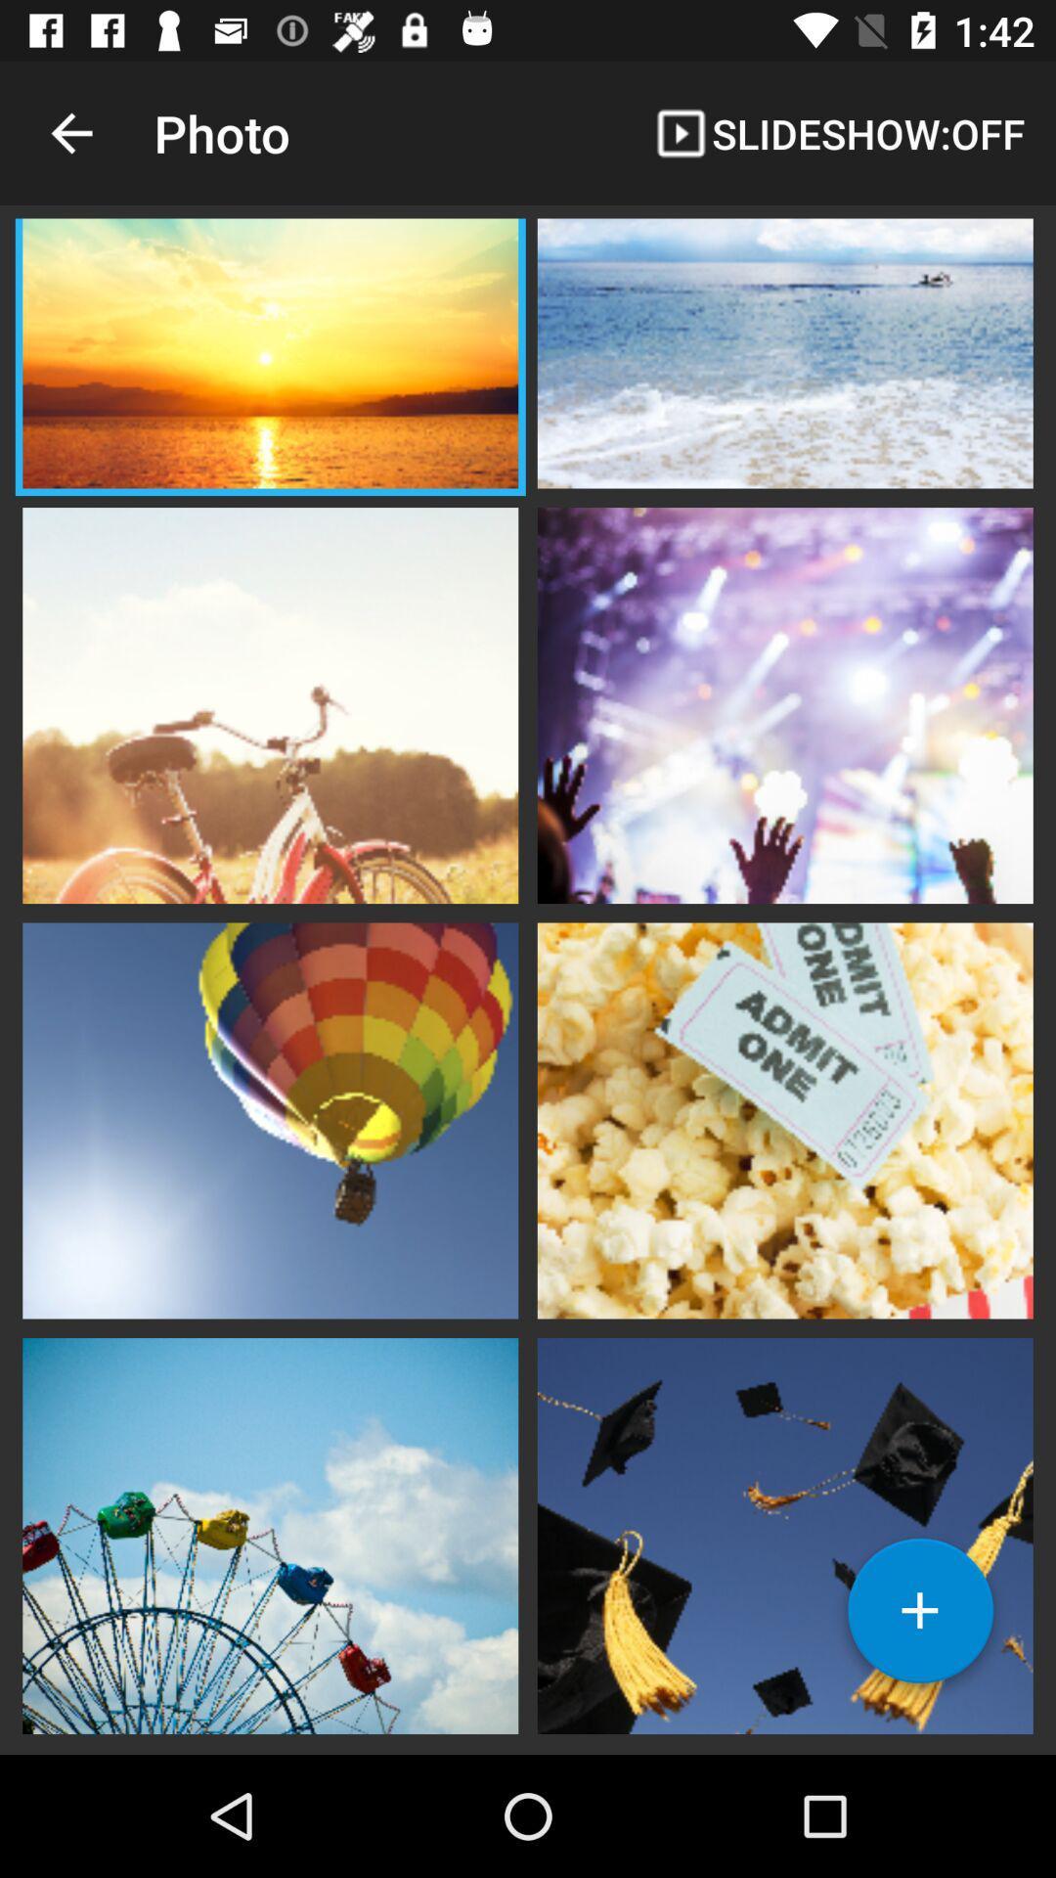 The height and width of the screenshot is (1878, 1056). What do you see at coordinates (270, 1118) in the screenshot?
I see `opens picture` at bounding box center [270, 1118].